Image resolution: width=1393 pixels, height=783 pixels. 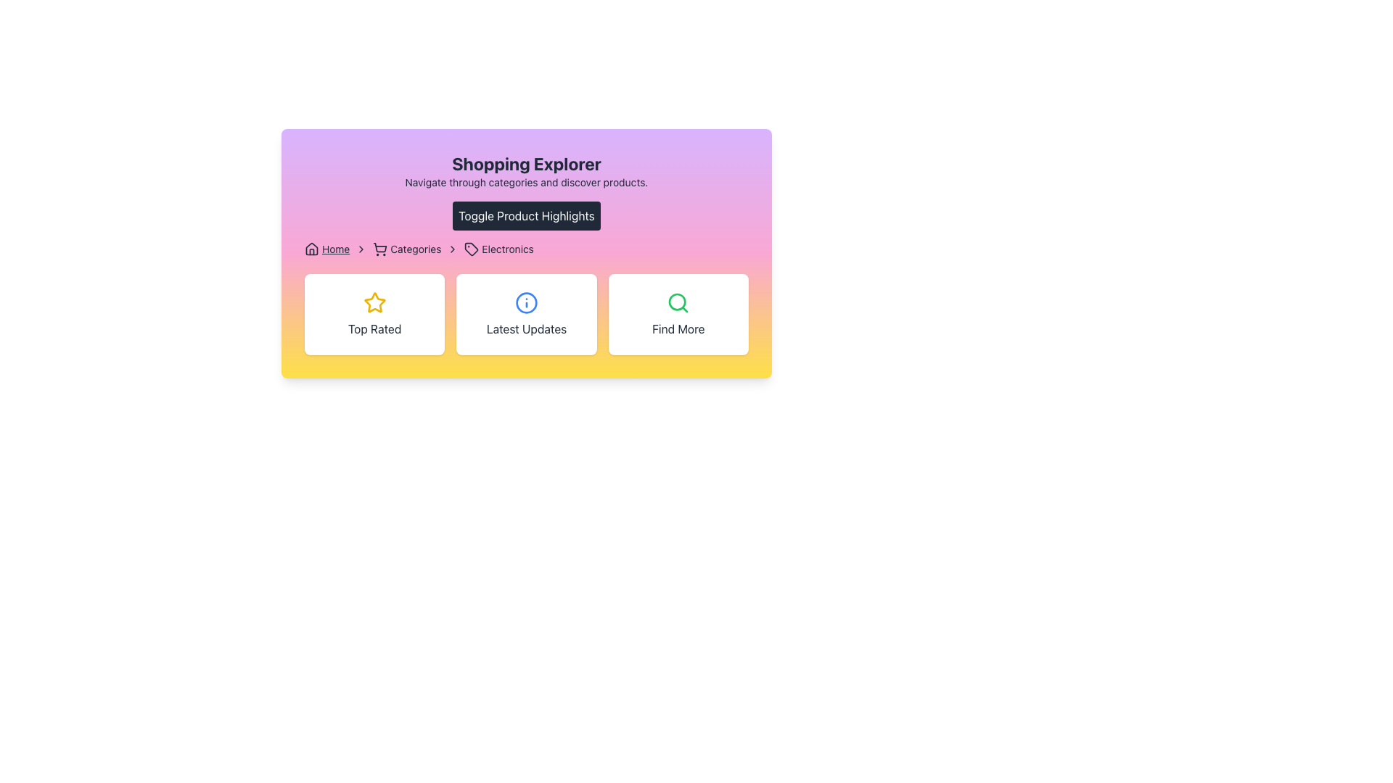 I want to click on the informational text block that provides a brief description related to the 'Shopping Explorer' section, located between the heading 'Shopping Explorer' and the 'Toggle Product Highlights' button, so click(x=525, y=181).